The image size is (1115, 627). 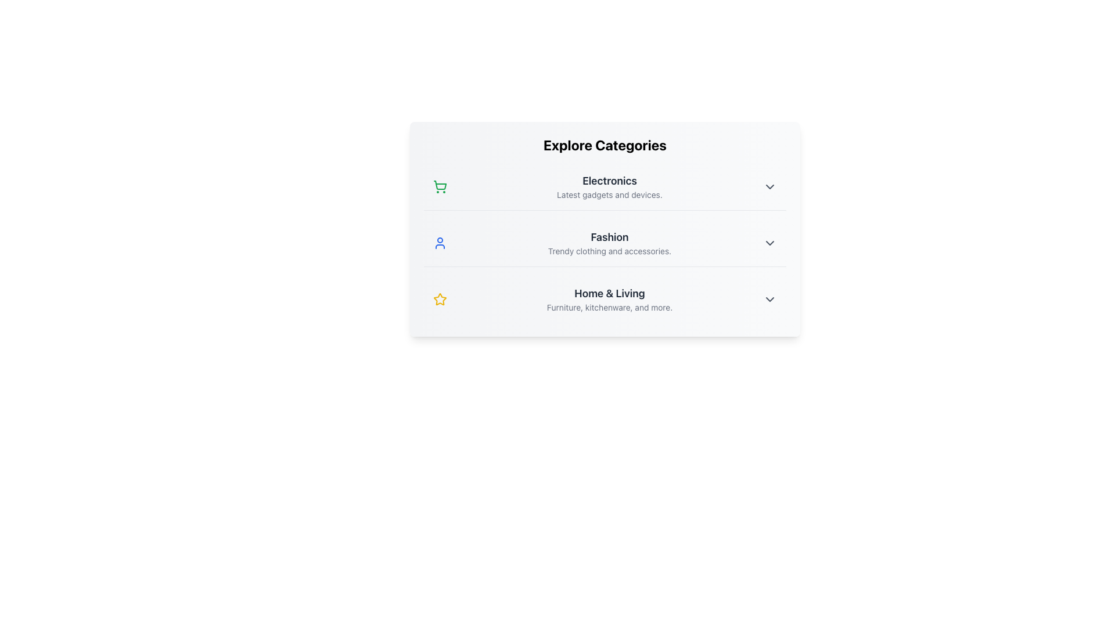 What do you see at coordinates (609, 299) in the screenshot?
I see `the 'Home & Living' category label, which is the third item in the 'Explore Categories' section` at bounding box center [609, 299].